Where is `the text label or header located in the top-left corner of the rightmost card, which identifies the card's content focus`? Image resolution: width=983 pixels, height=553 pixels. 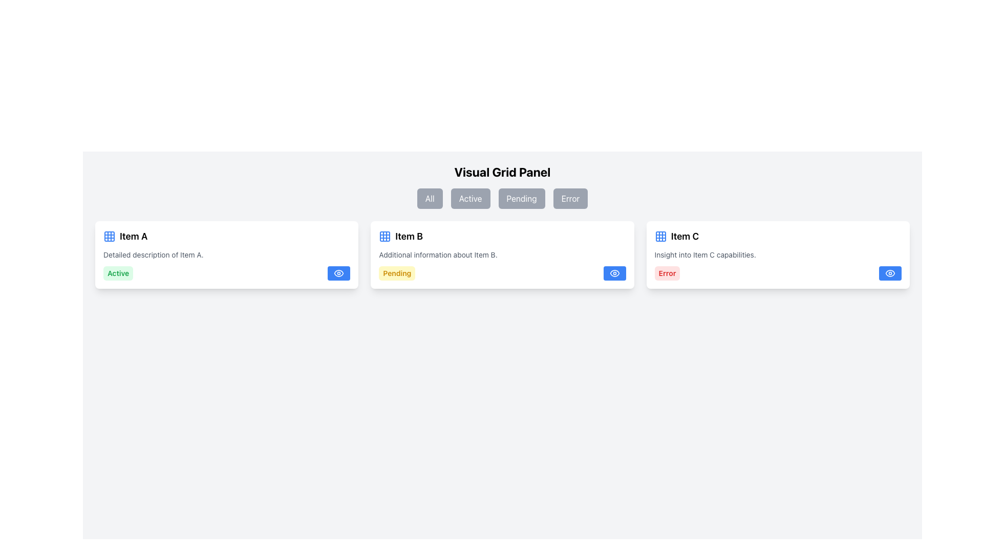
the text label or header located in the top-left corner of the rightmost card, which identifies the card's content focus is located at coordinates (676, 237).